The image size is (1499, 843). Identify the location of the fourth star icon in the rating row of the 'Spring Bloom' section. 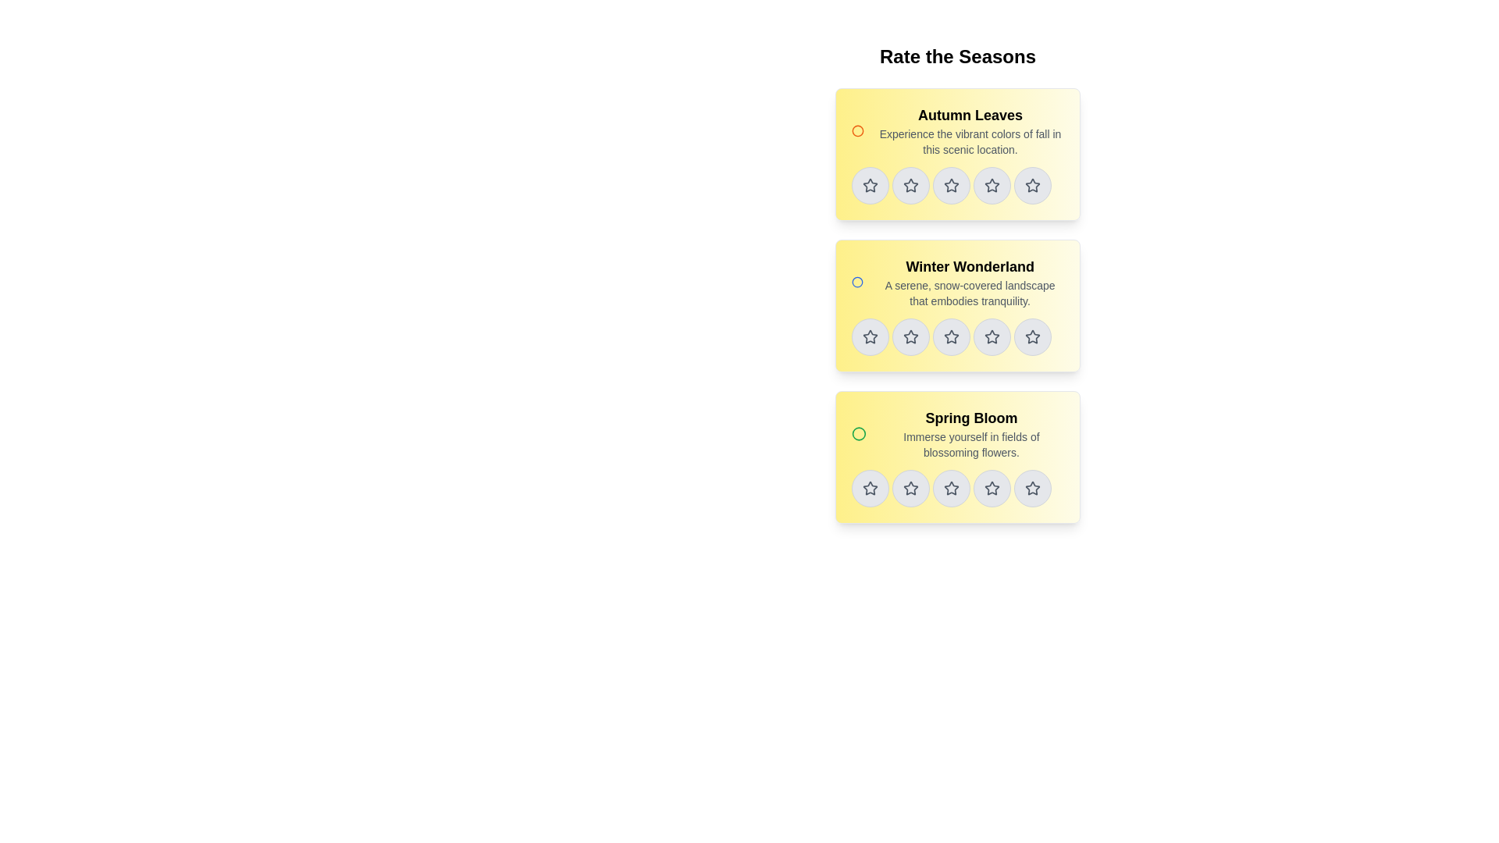
(992, 487).